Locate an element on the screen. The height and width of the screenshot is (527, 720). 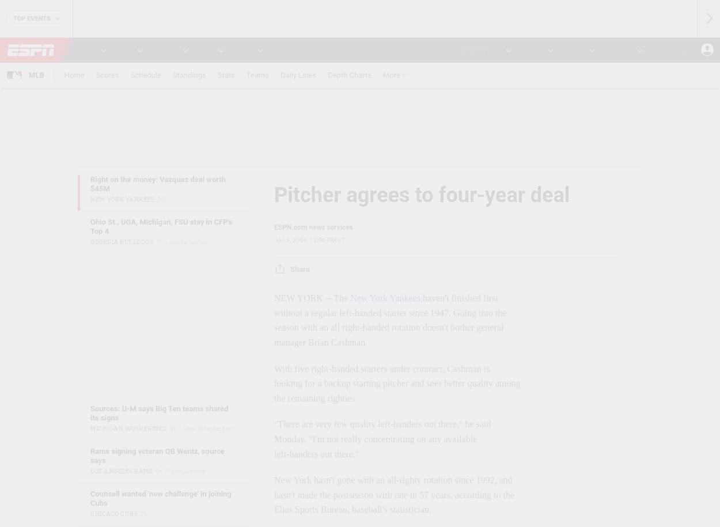
'"There are very few quality left-handers out there," he said' is located at coordinates (382, 424).